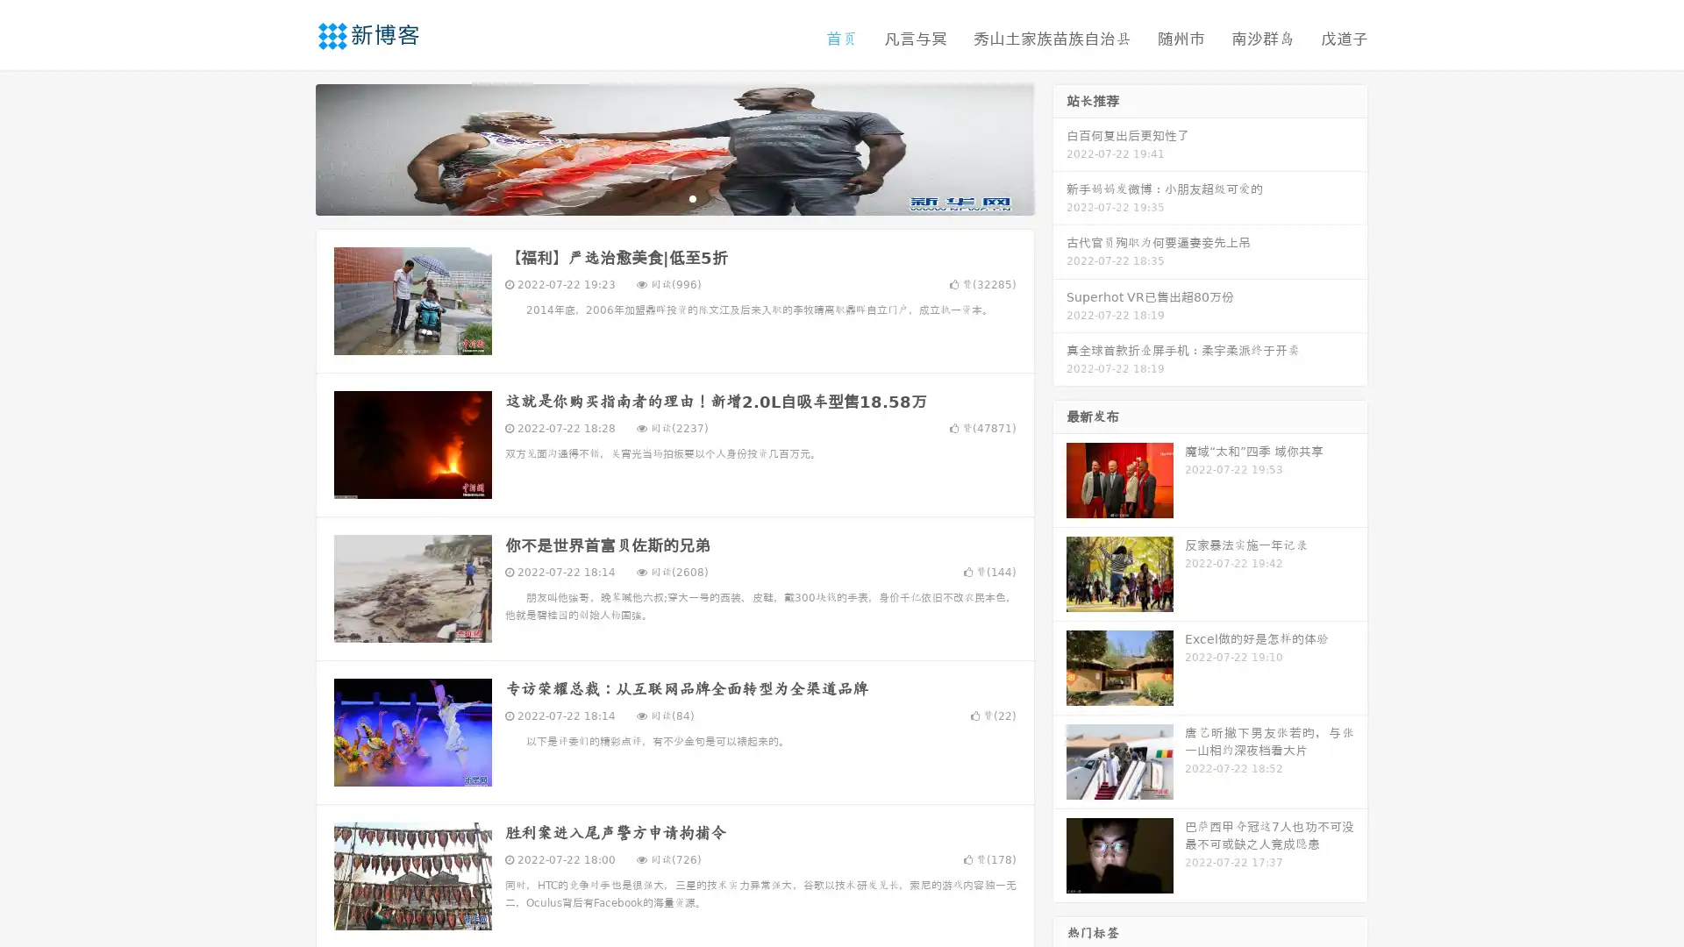 The image size is (1684, 947). What do you see at coordinates (692, 197) in the screenshot?
I see `Go to slide 3` at bounding box center [692, 197].